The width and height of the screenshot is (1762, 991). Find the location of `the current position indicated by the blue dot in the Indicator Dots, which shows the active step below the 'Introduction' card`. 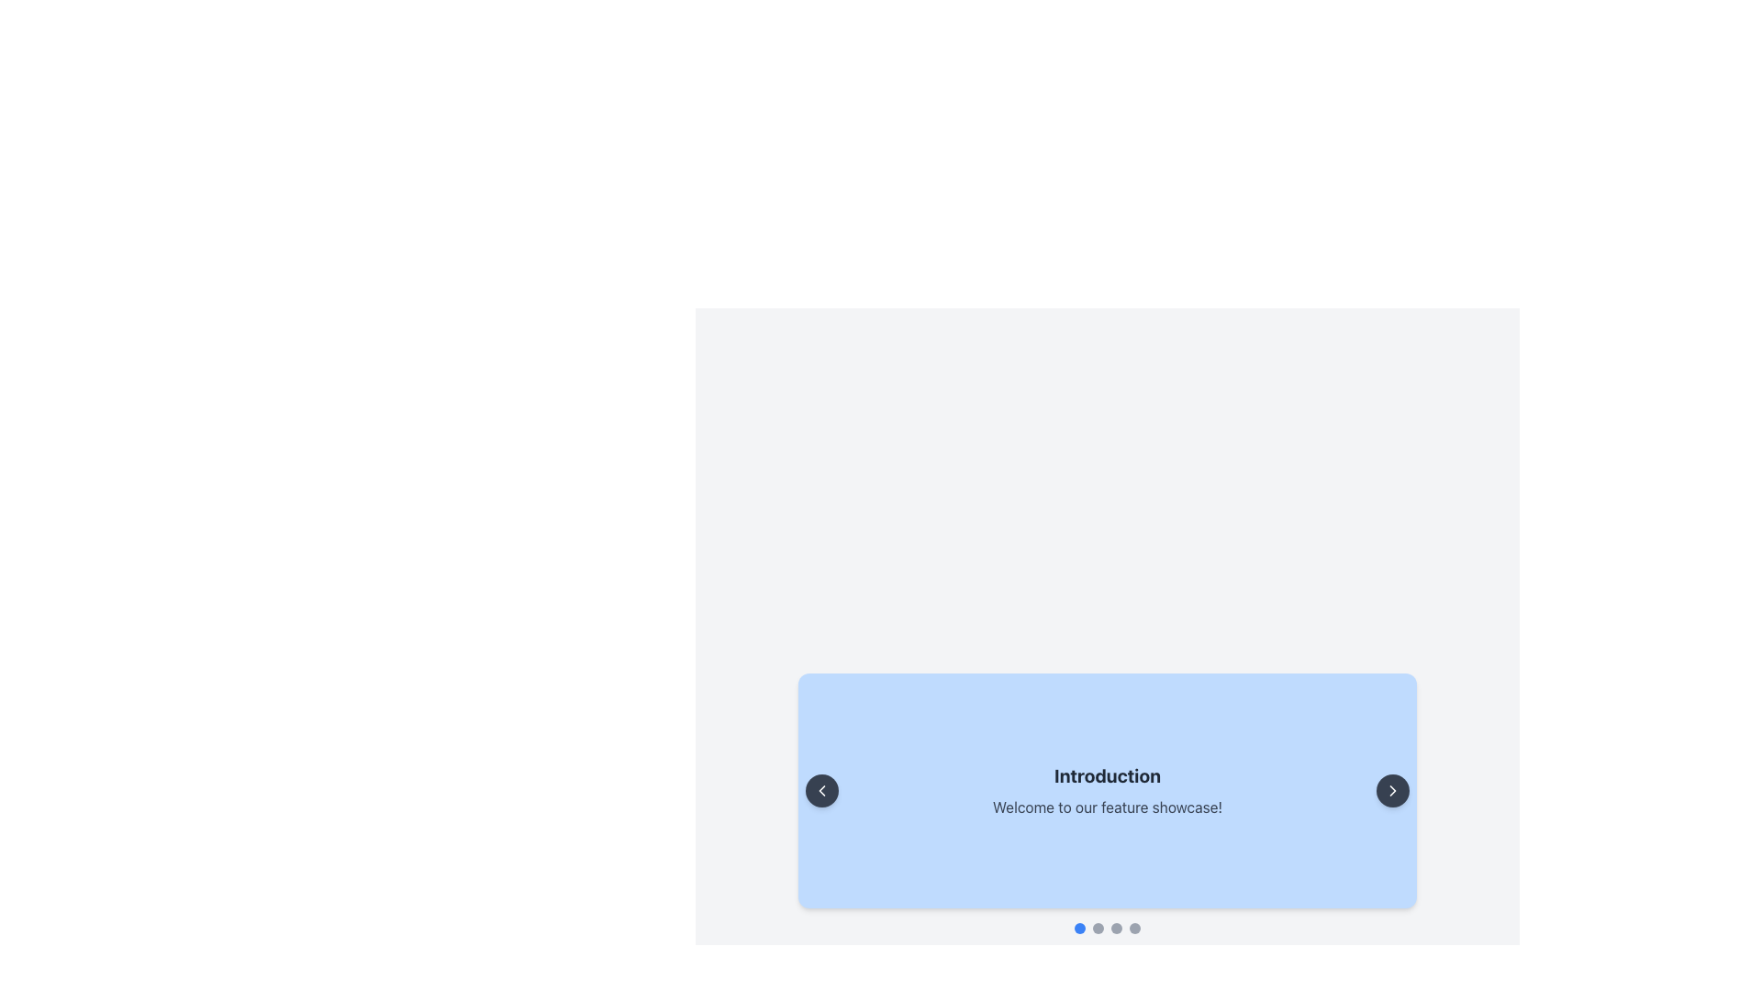

the current position indicated by the blue dot in the Indicator Dots, which shows the active step below the 'Introduction' card is located at coordinates (1106, 928).